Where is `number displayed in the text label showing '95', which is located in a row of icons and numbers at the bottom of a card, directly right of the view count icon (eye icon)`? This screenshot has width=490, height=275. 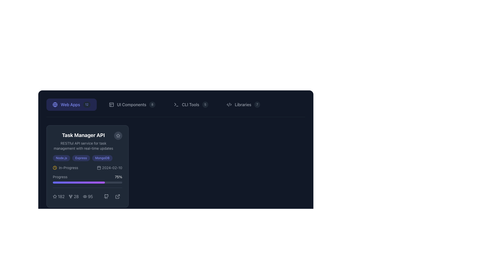
number displayed in the text label showing '95', which is located in a row of icons and numbers at the bottom of a card, directly right of the view count icon (eye icon) is located at coordinates (87, 194).